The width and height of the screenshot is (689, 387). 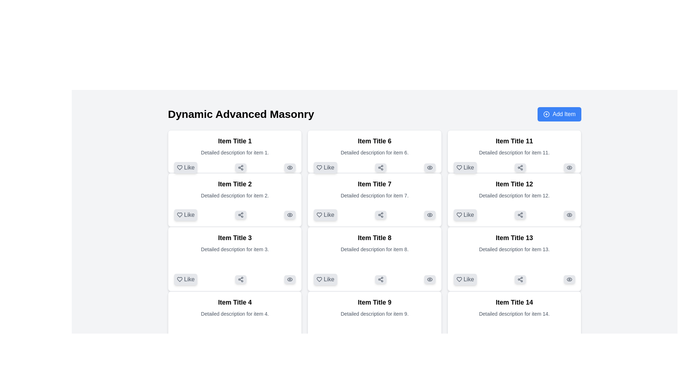 What do you see at coordinates (459, 279) in the screenshot?
I see `the heart-shaped icon within the 'Like' button located beneath 'Item Title 13' to trigger a tooltip or visual feedback` at bounding box center [459, 279].